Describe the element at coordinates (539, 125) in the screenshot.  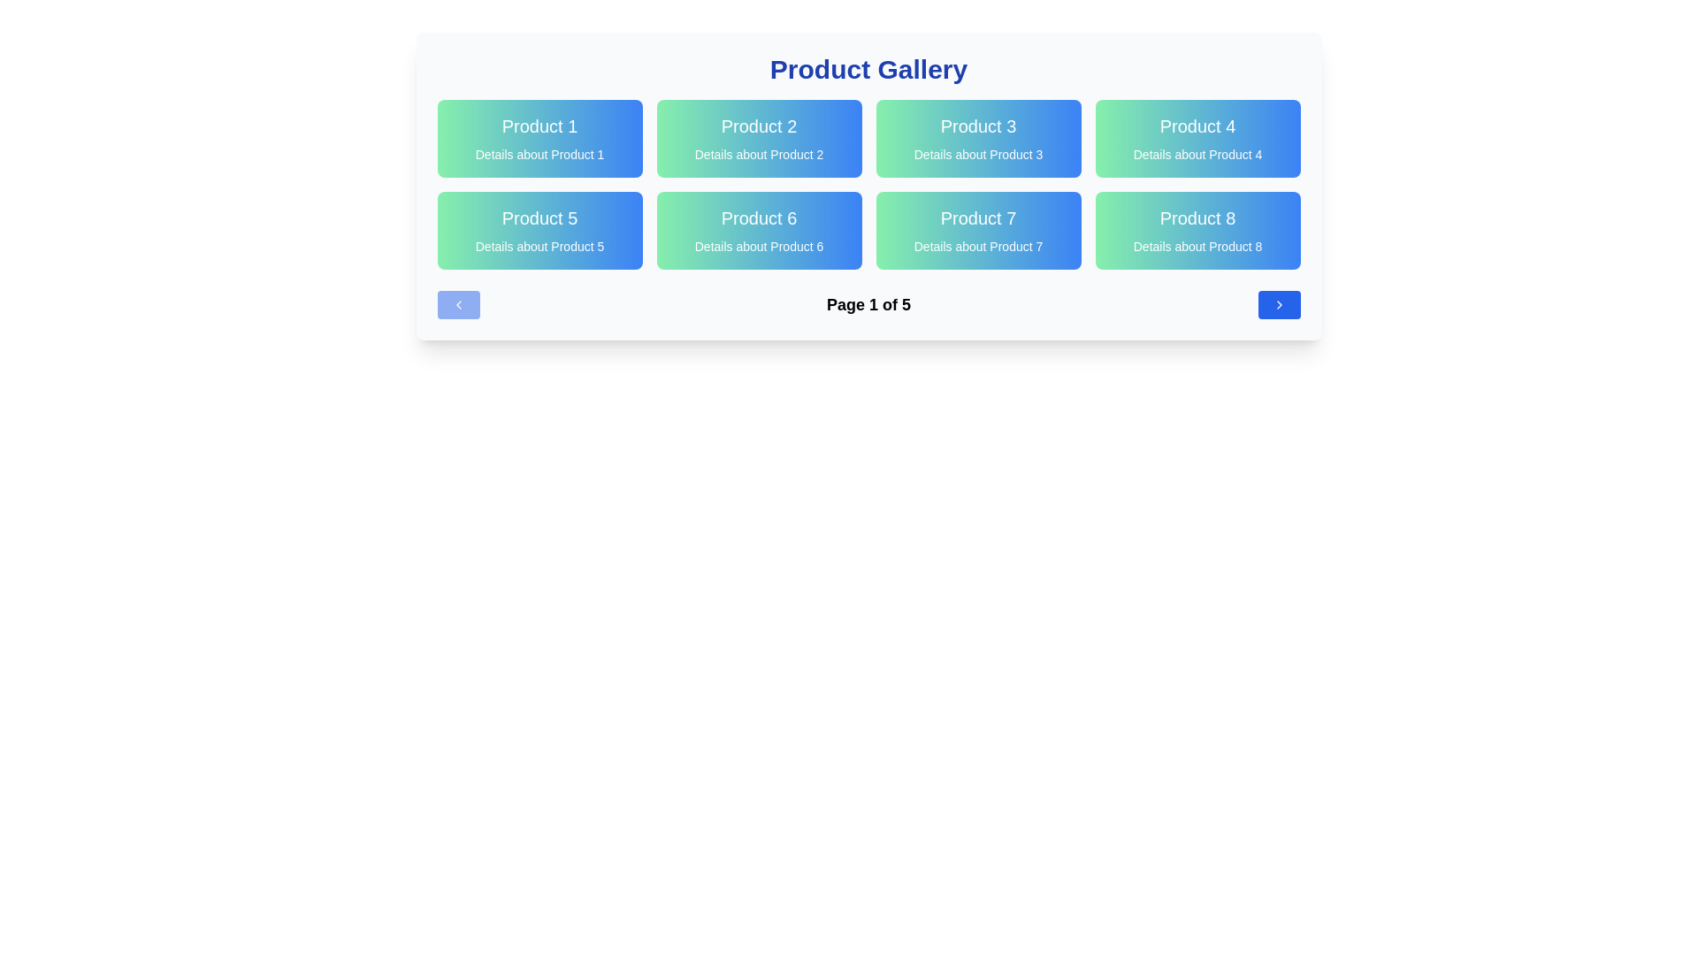
I see `the static text label that serves as the title or label for the corresponding product card, which is located in the first position of the first row of a grid showcasing multiple products` at that location.